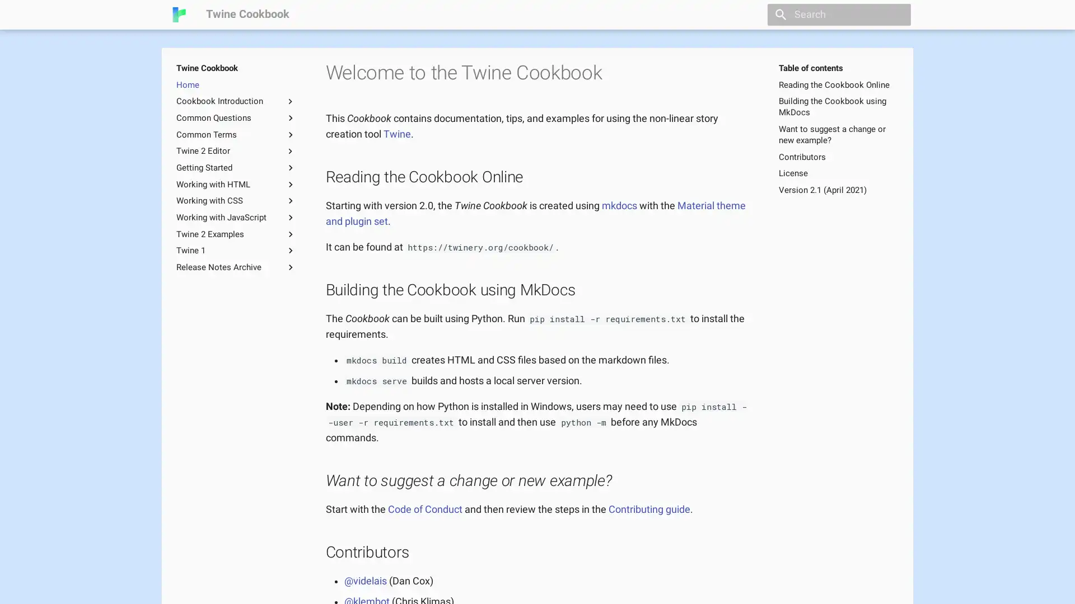 Image resolution: width=1075 pixels, height=604 pixels. I want to click on Clear, so click(897, 15).